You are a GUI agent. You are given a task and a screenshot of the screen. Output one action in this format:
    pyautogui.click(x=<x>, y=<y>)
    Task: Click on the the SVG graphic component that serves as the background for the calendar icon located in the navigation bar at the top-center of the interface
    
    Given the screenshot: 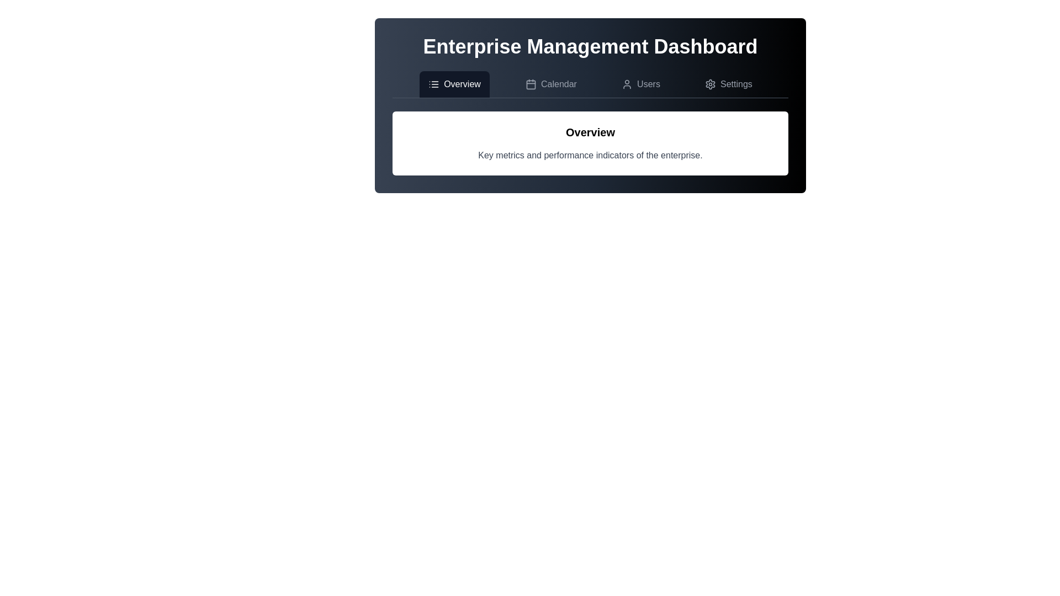 What is the action you would take?
    pyautogui.click(x=531, y=84)
    